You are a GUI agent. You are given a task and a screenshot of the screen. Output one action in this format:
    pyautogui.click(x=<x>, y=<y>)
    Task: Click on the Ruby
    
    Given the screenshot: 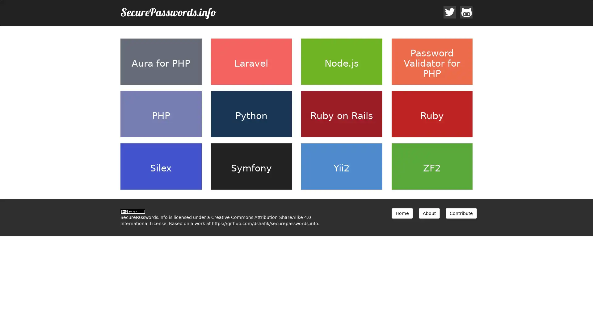 What is the action you would take?
    pyautogui.click(x=431, y=114)
    